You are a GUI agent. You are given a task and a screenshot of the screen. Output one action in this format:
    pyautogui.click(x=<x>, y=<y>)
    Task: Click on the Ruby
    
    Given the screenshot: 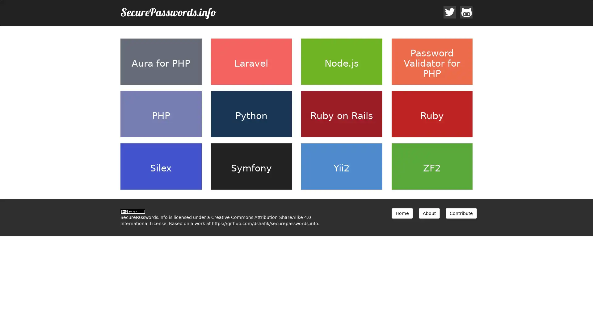 What is the action you would take?
    pyautogui.click(x=431, y=114)
    